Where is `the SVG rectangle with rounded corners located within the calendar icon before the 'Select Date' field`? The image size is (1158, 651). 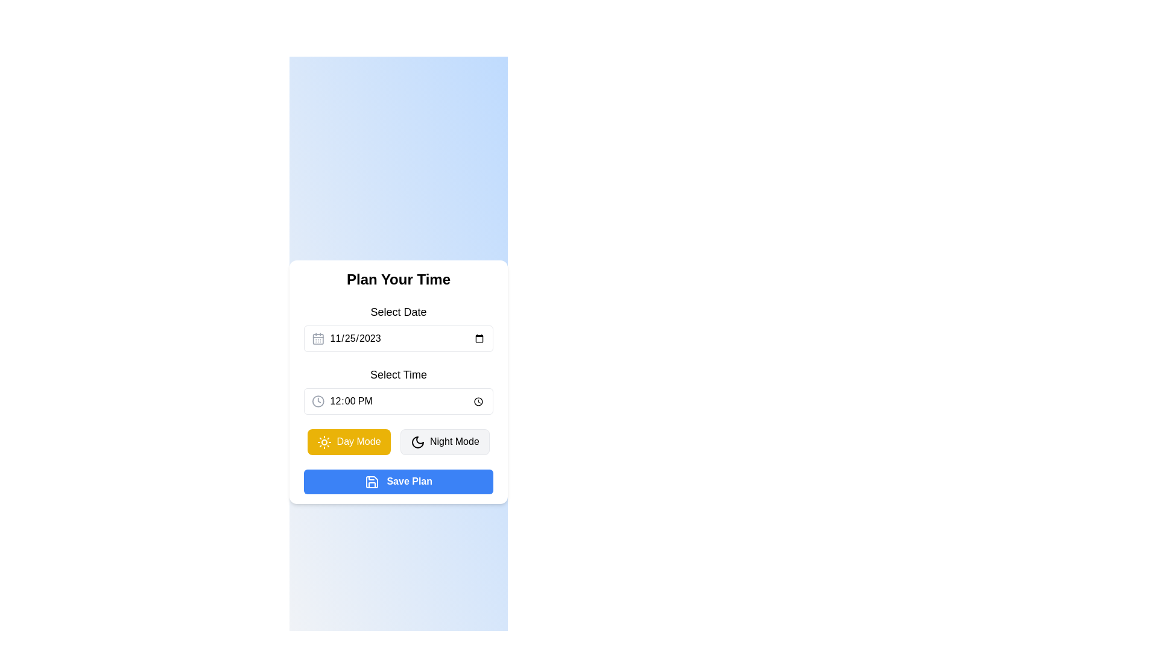
the SVG rectangle with rounded corners located within the calendar icon before the 'Select Date' field is located at coordinates (318, 339).